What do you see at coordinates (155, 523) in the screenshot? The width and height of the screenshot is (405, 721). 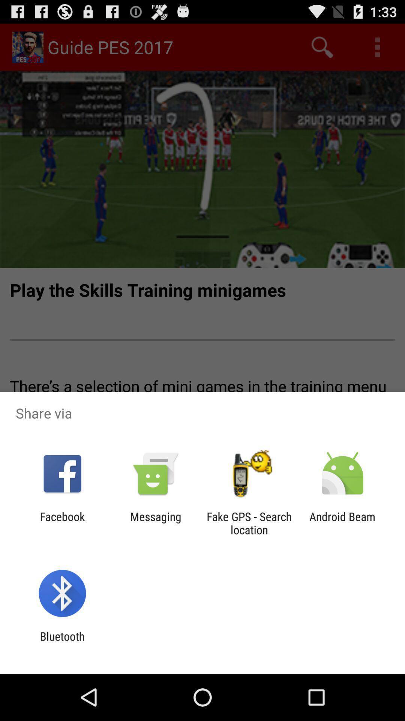 I see `item next to the facebook item` at bounding box center [155, 523].